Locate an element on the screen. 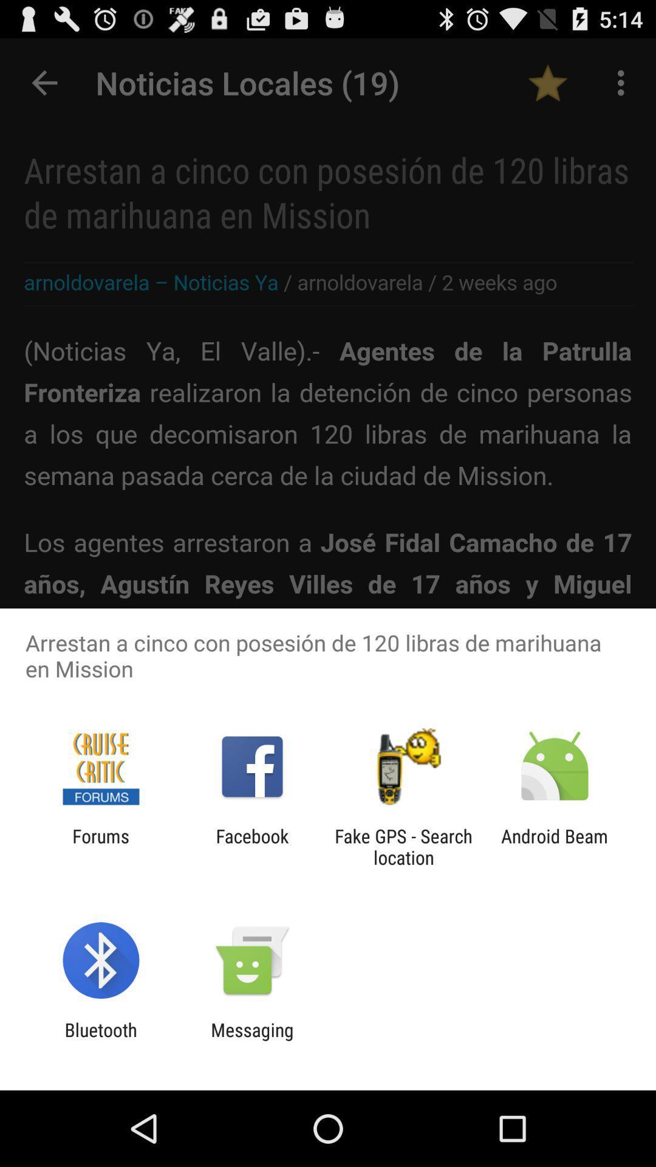  the item next to the facebook is located at coordinates (403, 846).